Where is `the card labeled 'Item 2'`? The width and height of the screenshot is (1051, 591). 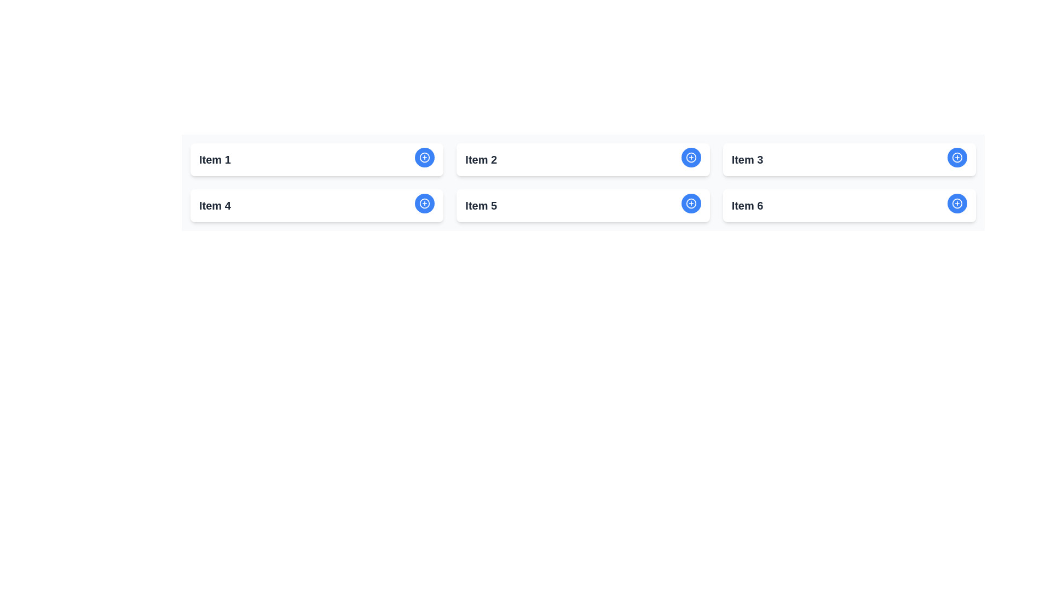 the card labeled 'Item 2' is located at coordinates (582, 160).